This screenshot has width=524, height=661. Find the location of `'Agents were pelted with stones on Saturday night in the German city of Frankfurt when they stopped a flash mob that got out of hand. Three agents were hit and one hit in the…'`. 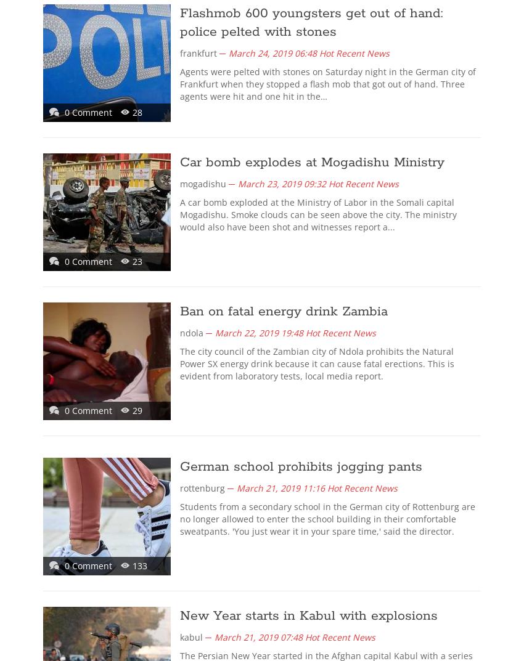

'Agents were pelted with stones on Saturday night in the German city of Frankfurt when they stopped a flash mob that got out of hand. Three agents were hit and one hit in the…' is located at coordinates (179, 83).